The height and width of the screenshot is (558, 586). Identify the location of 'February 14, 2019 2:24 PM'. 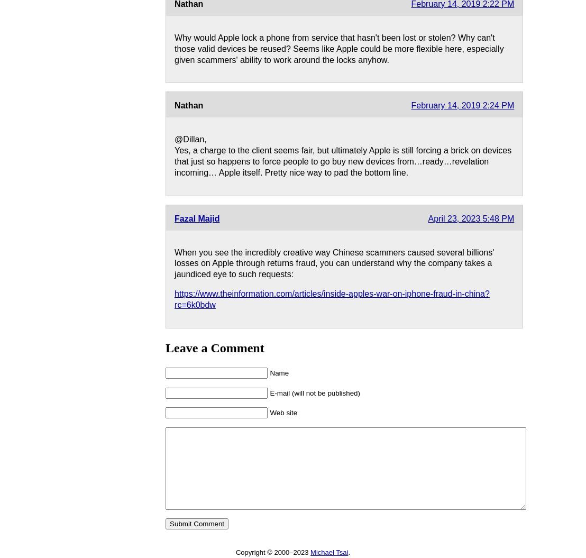
(411, 105).